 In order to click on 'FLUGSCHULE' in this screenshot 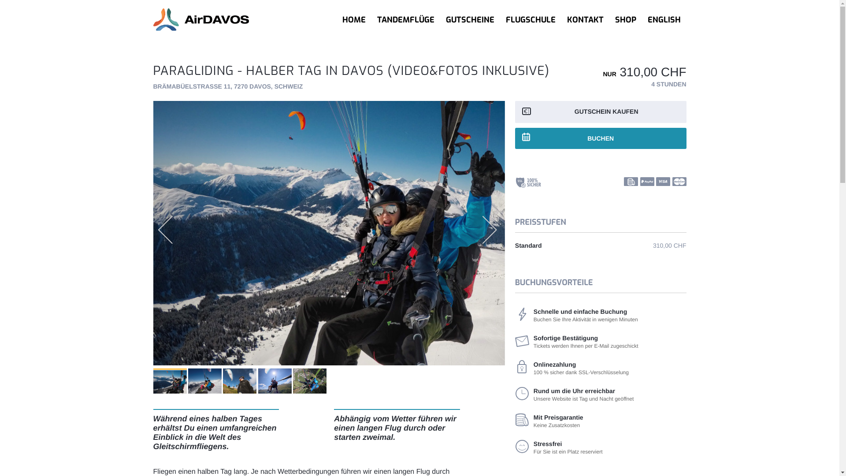, I will do `click(499, 20)`.